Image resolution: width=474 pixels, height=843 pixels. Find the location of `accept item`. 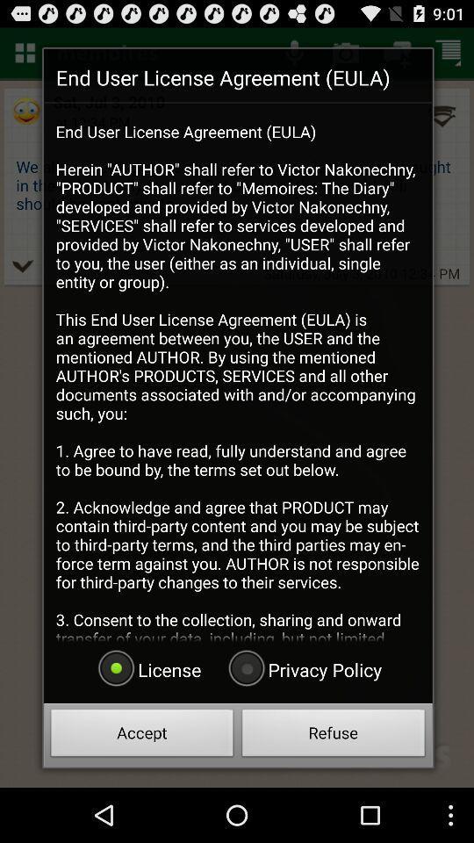

accept item is located at coordinates (141, 735).